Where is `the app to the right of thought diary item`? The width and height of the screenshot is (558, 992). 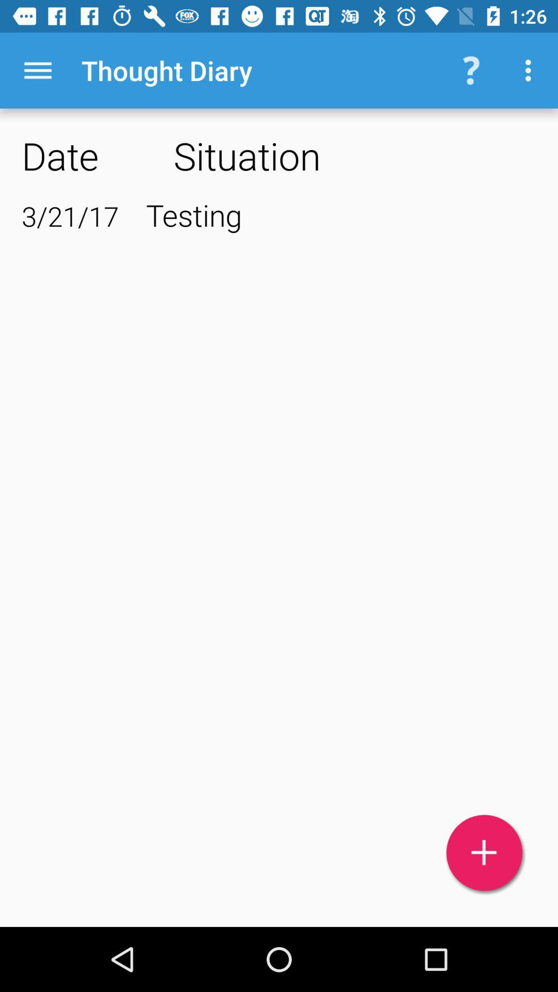 the app to the right of thought diary item is located at coordinates (471, 70).